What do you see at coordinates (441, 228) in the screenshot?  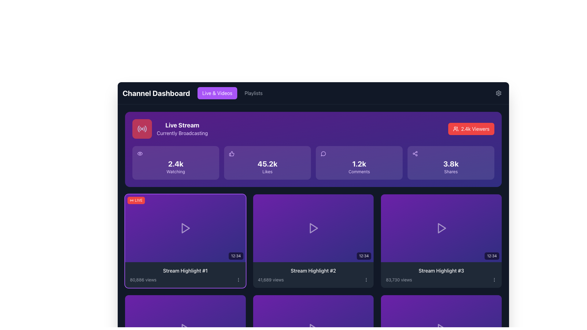 I see `the Interactive Thumbnail with a gradient background from purple to indigo, featuring a white play icon and time duration text '12:34' in the bottom right corner, located in the rightmost card of the second row labeled 'Stream Highlight #3'` at bounding box center [441, 228].